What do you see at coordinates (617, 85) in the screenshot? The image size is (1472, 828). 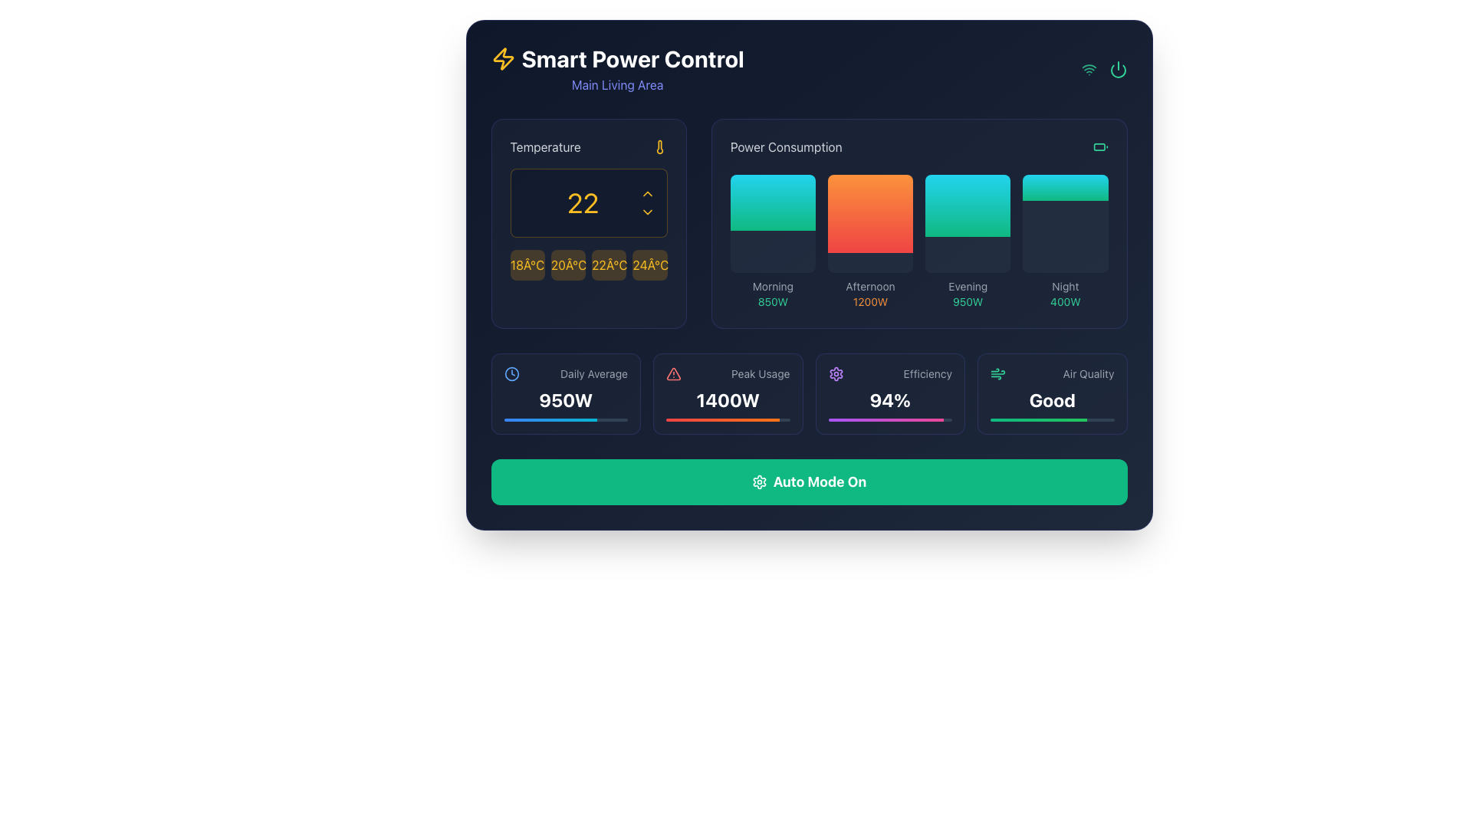 I see `the 'Main Living Area' text label located directly below the 'Smart Power Control' in the upper-left section of the interface` at bounding box center [617, 85].